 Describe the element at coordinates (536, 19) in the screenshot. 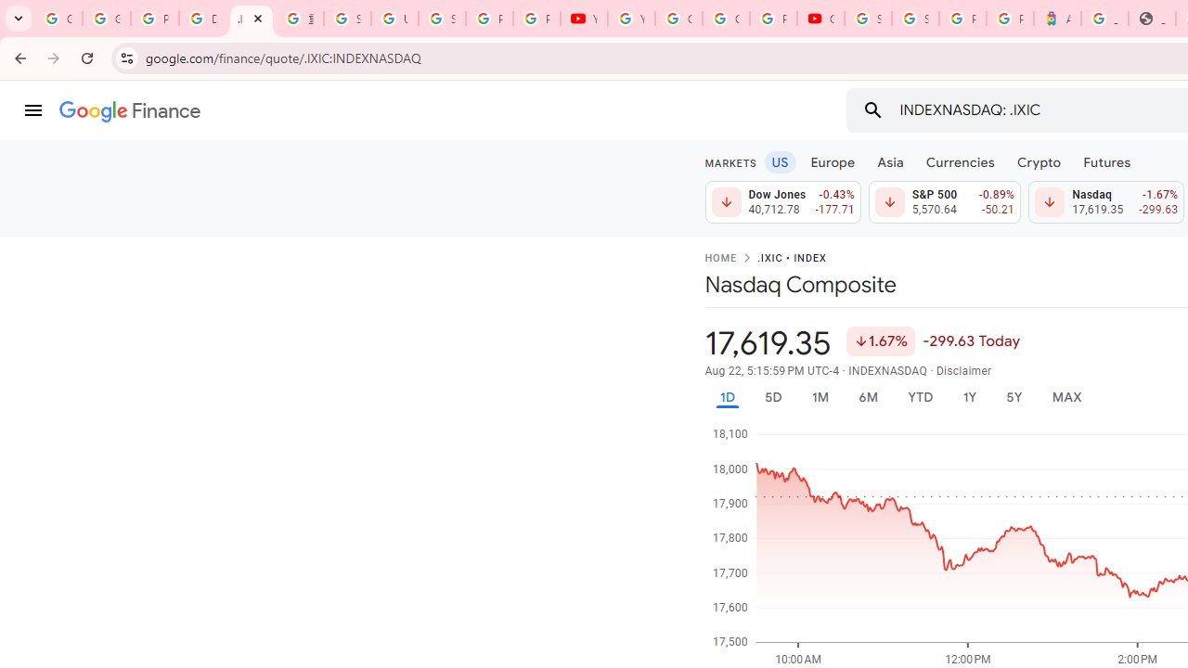

I see `'Privacy Checkup'` at that location.